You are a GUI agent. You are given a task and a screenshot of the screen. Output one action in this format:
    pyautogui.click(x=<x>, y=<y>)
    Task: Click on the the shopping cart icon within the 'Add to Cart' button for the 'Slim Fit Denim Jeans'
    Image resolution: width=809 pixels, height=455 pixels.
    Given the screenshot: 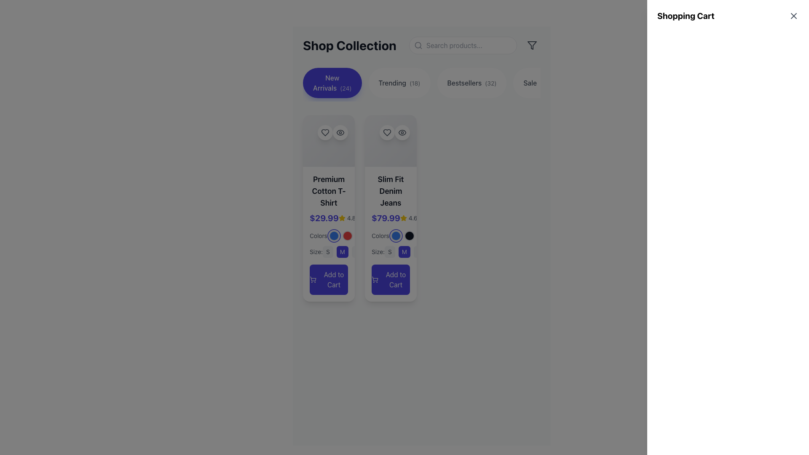 What is the action you would take?
    pyautogui.click(x=375, y=279)
    